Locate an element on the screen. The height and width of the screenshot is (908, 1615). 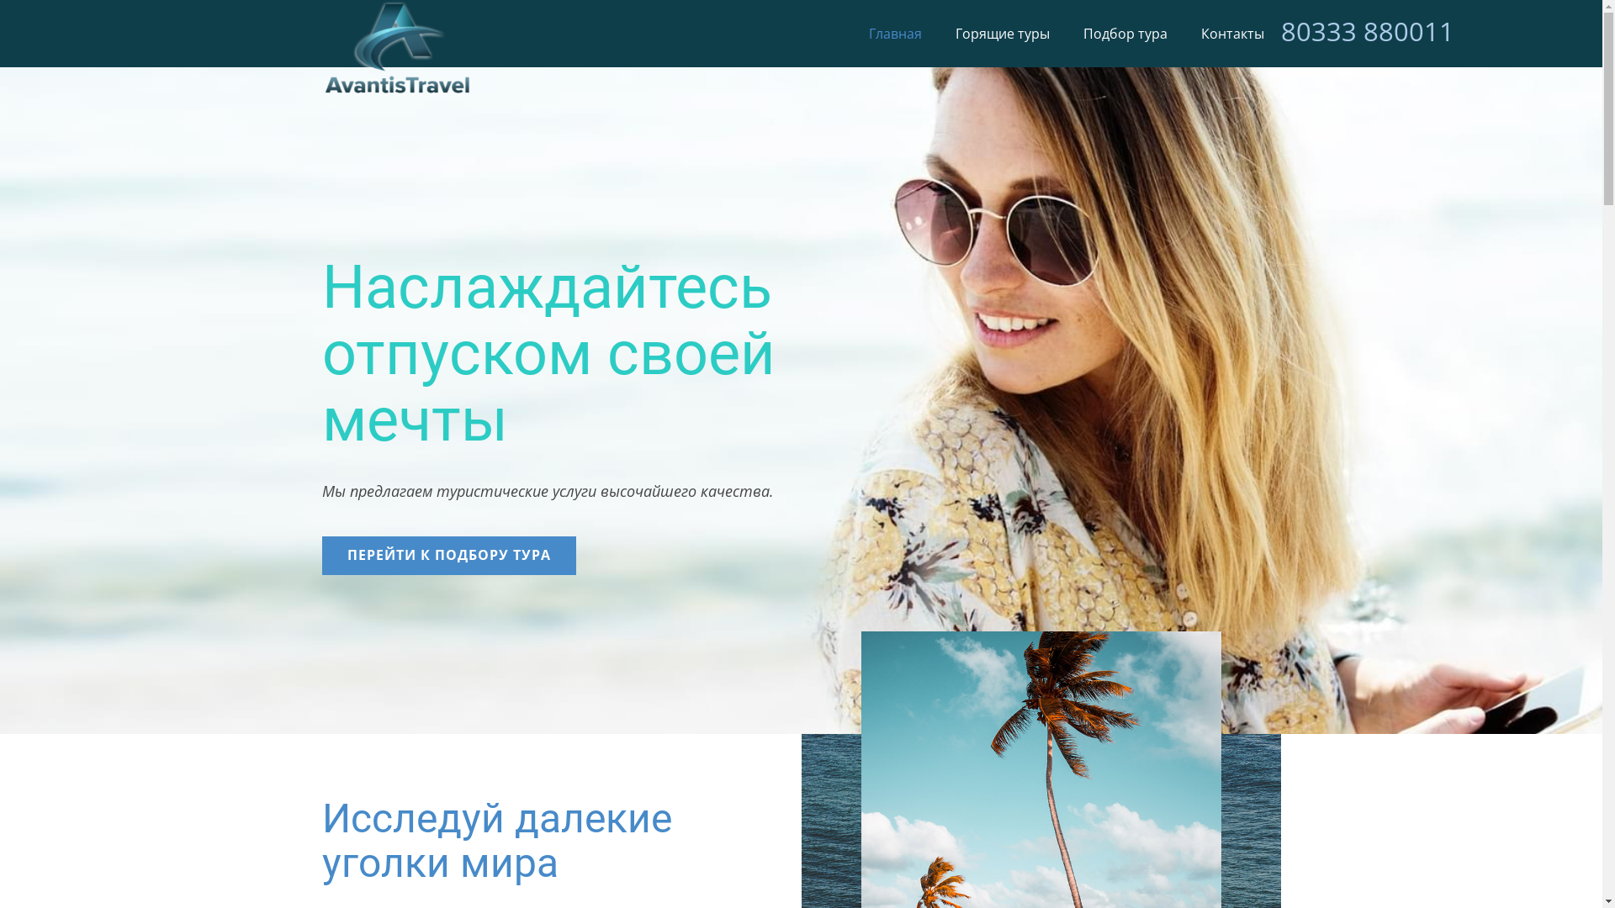
'80333 880011' is located at coordinates (1367, 31).